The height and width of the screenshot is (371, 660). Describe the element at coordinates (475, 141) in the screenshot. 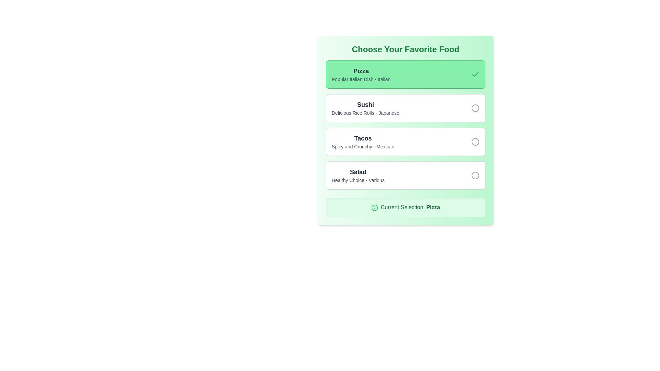

I see `the radio button` at that location.